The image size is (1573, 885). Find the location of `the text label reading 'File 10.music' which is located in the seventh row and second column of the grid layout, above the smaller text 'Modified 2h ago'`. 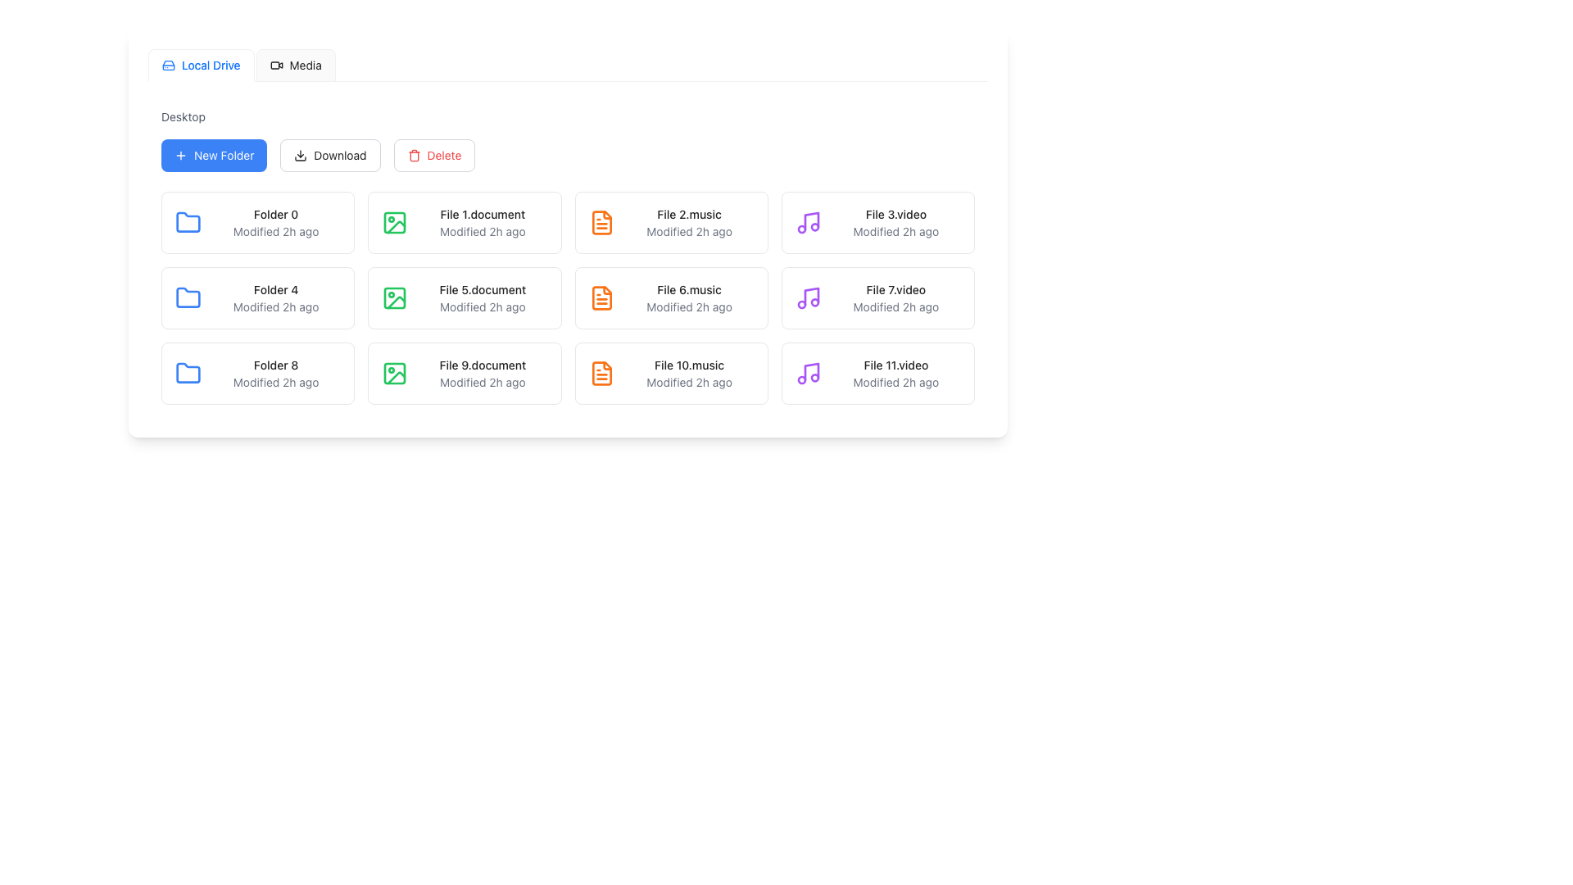

the text label reading 'File 10.music' which is located in the seventh row and second column of the grid layout, above the smaller text 'Modified 2h ago' is located at coordinates (689, 365).